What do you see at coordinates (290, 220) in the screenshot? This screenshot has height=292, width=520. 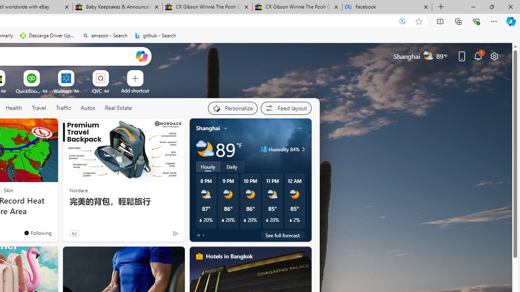 I see `'Class: weather-current-precipitation-glyph'` at bounding box center [290, 220].